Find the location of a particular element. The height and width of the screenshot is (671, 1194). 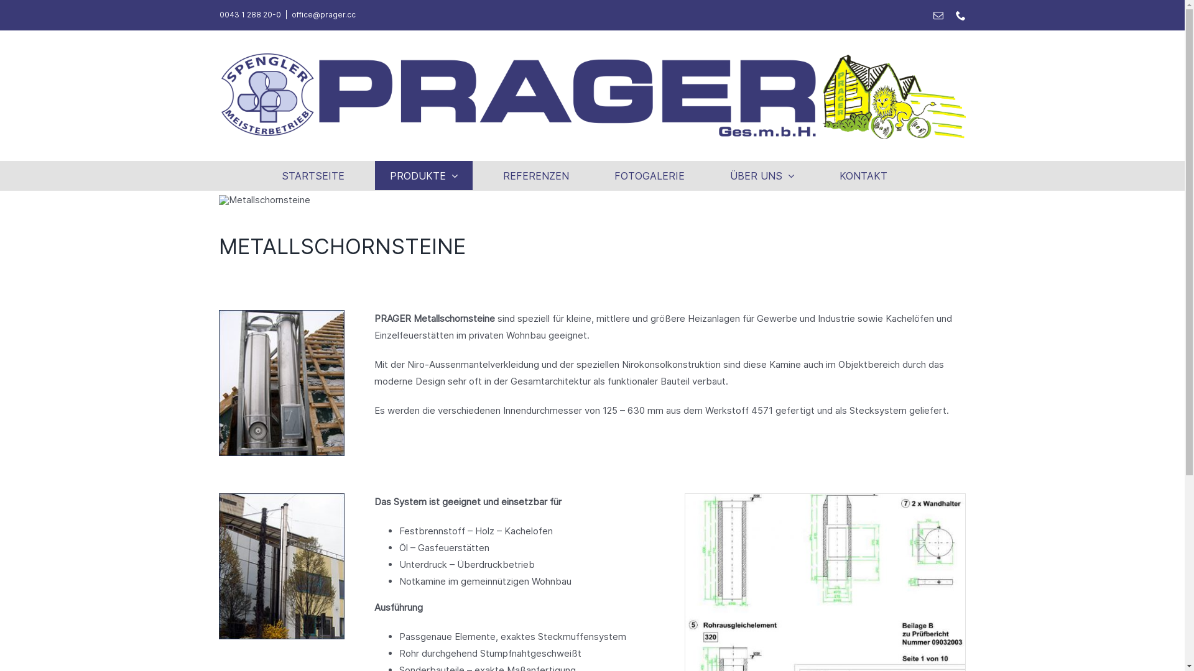

'METALLSCHORNSTEINE' is located at coordinates (280, 382).